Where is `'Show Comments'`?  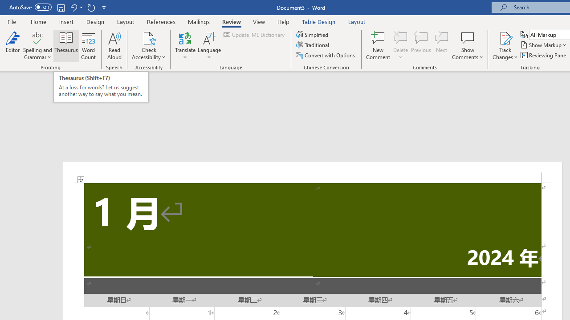 'Show Comments' is located at coordinates (467, 46).